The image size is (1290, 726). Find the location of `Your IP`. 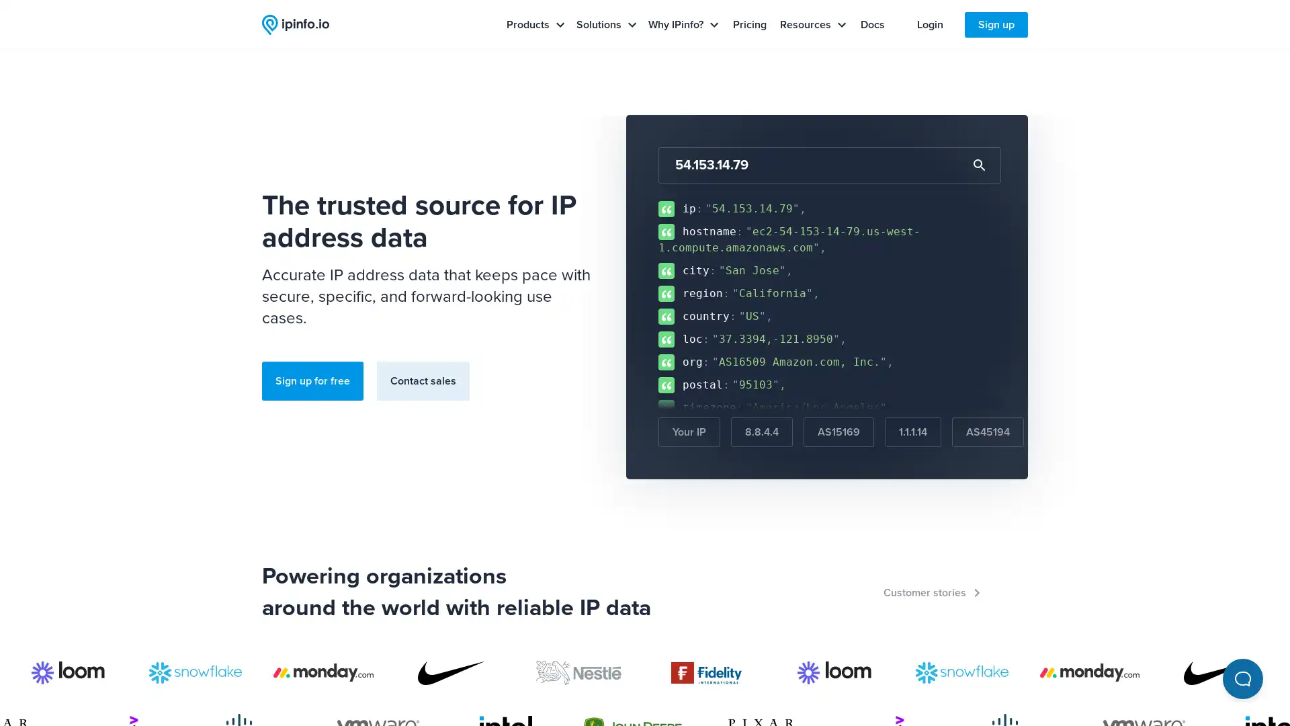

Your IP is located at coordinates (689, 432).